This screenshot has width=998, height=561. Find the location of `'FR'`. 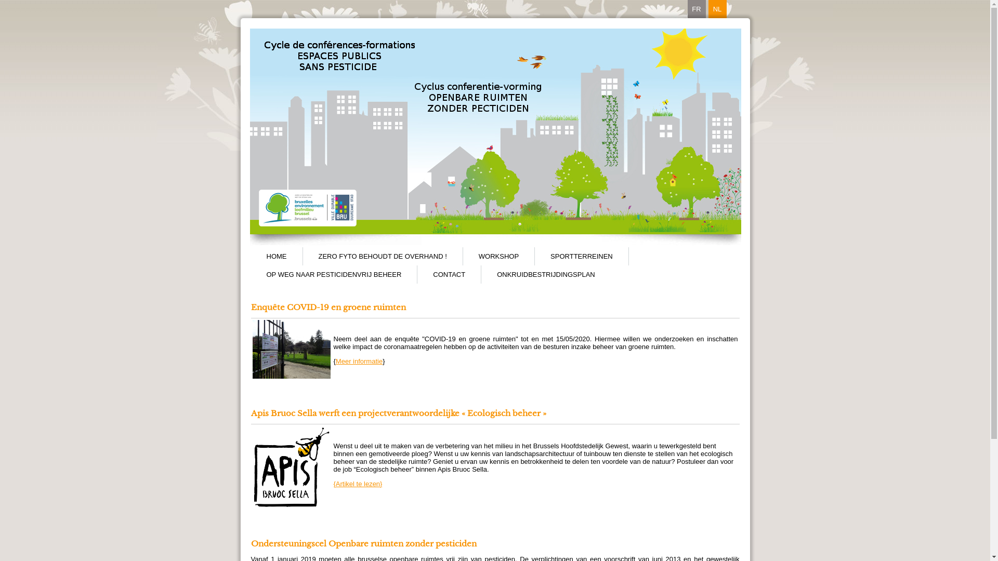

'FR' is located at coordinates (687, 9).